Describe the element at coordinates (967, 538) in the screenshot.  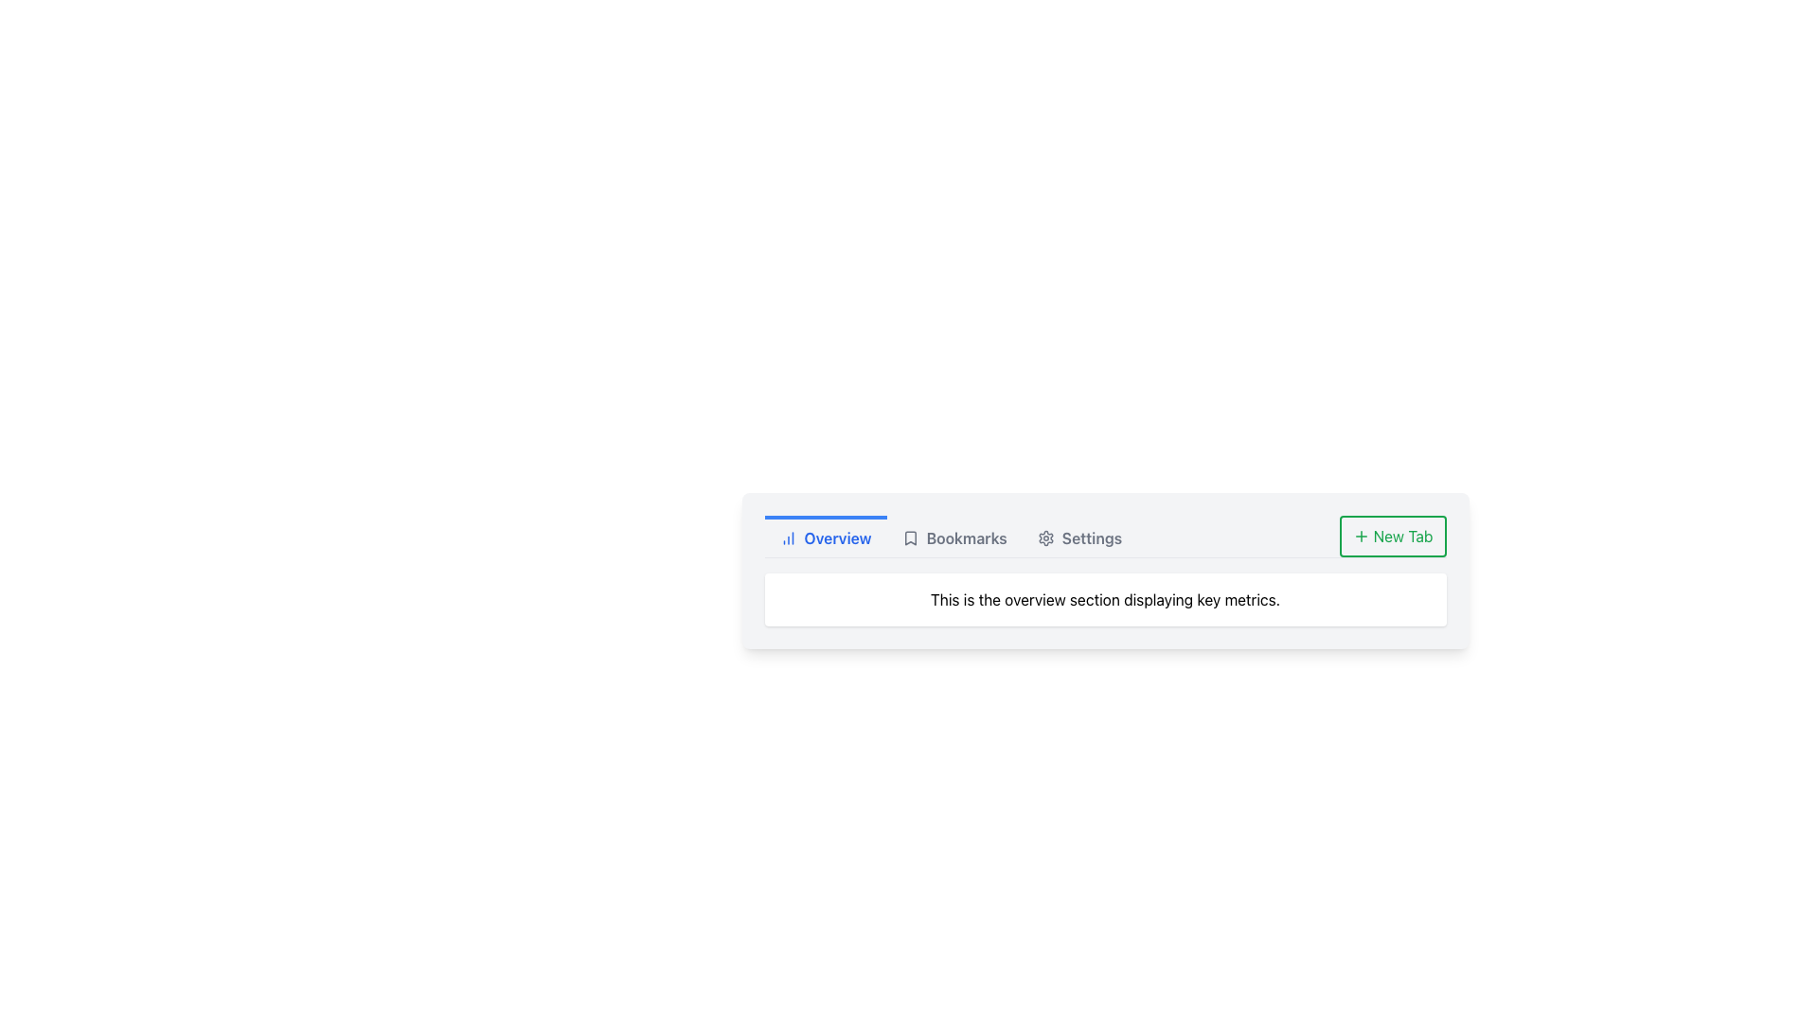
I see `the 'Bookmarks' label, which is the second item in the horizontal navigation bar, styled with gray text in bold font` at that location.